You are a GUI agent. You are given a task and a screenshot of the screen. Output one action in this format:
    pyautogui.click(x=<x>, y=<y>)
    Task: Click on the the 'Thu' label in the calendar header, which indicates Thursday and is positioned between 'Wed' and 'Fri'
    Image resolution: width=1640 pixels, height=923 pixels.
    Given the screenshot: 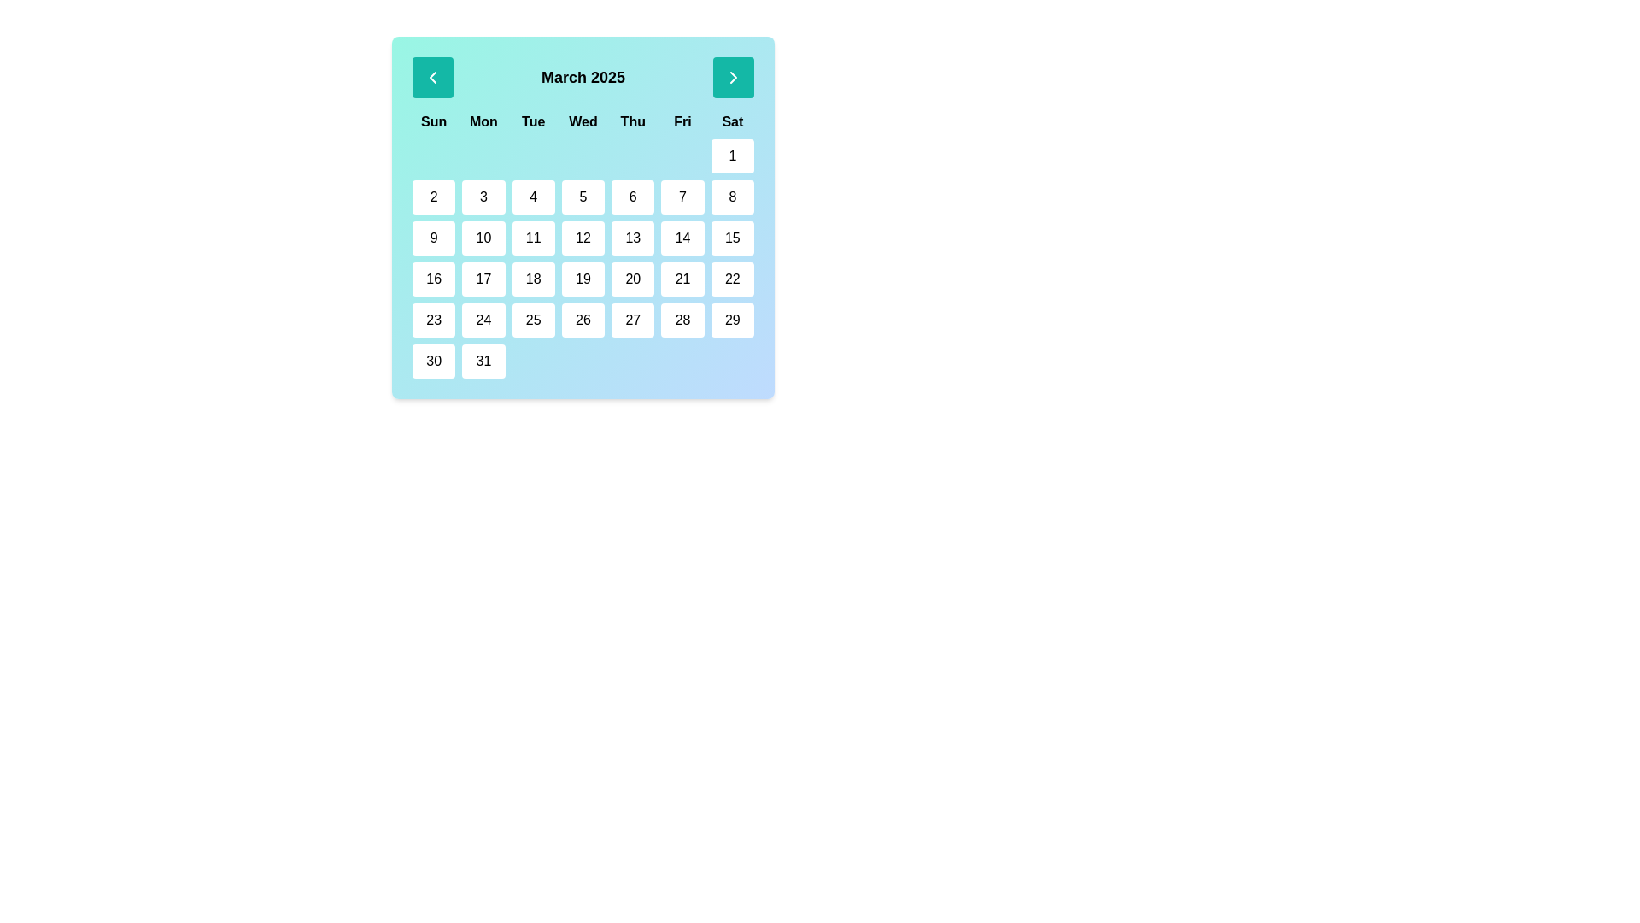 What is the action you would take?
    pyautogui.click(x=632, y=121)
    